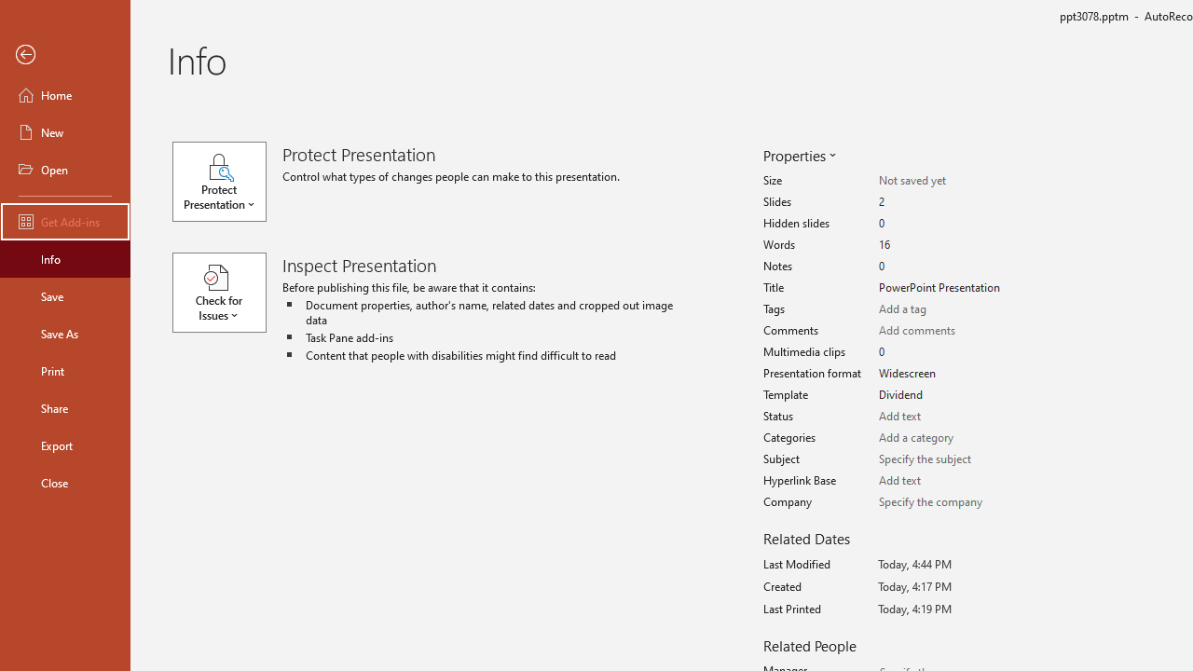  What do you see at coordinates (943, 244) in the screenshot?
I see `'Words'` at bounding box center [943, 244].